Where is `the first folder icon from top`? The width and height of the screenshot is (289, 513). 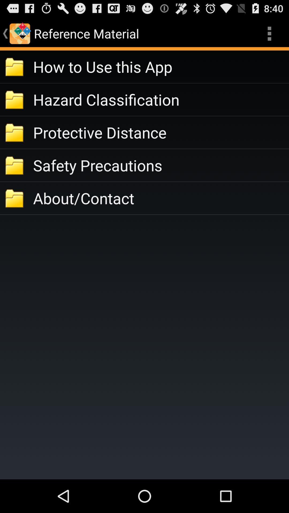 the first folder icon from top is located at coordinates (15, 66).